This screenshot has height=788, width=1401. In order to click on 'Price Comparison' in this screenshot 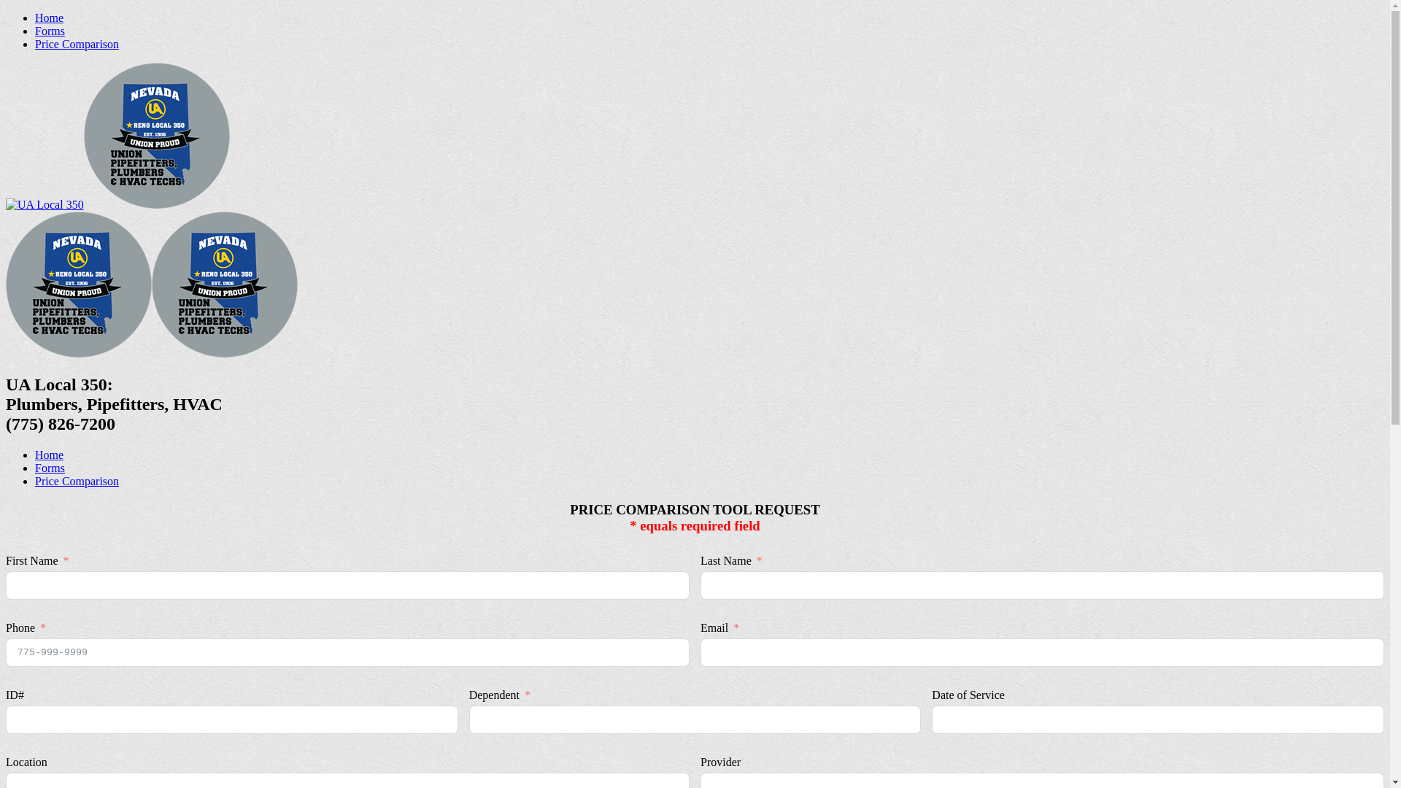, I will do `click(76, 43)`.